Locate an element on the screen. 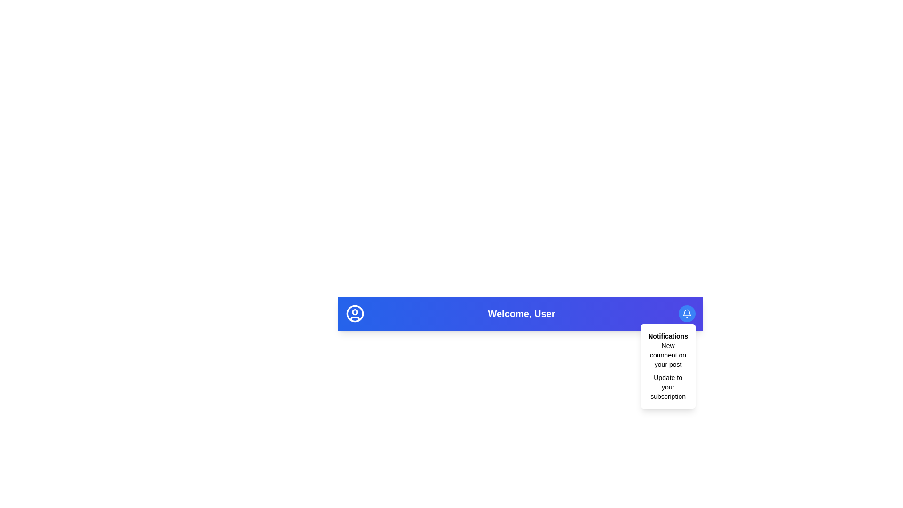  the user profile icon, which features a circular outline and a head with shoulders design, located on the far left of the horizontal navigation bar next to 'Welcome, User' is located at coordinates (354, 314).